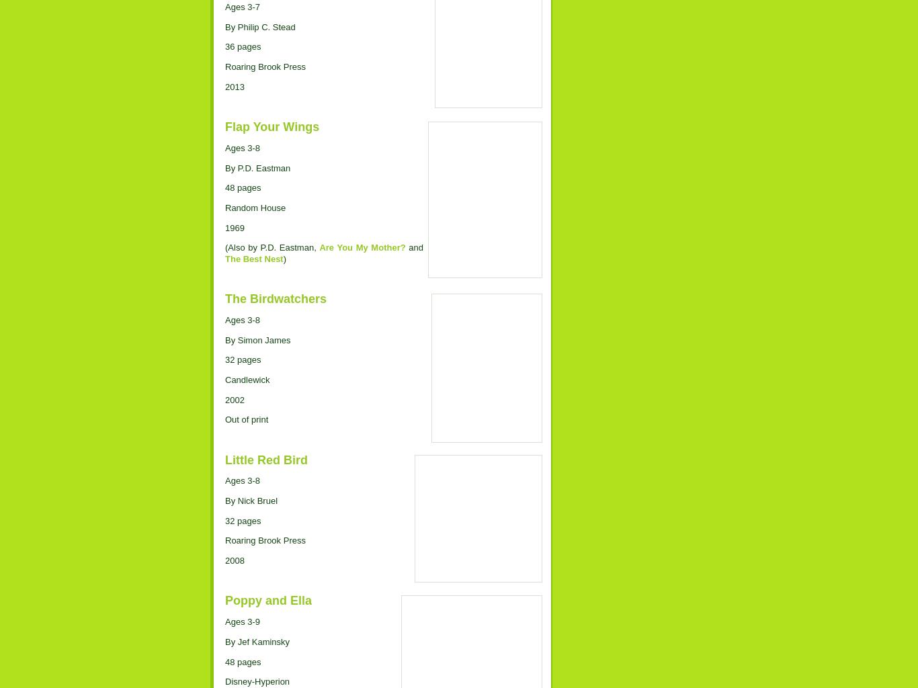 The width and height of the screenshot is (918, 688). What do you see at coordinates (282, 258) in the screenshot?
I see `')'` at bounding box center [282, 258].